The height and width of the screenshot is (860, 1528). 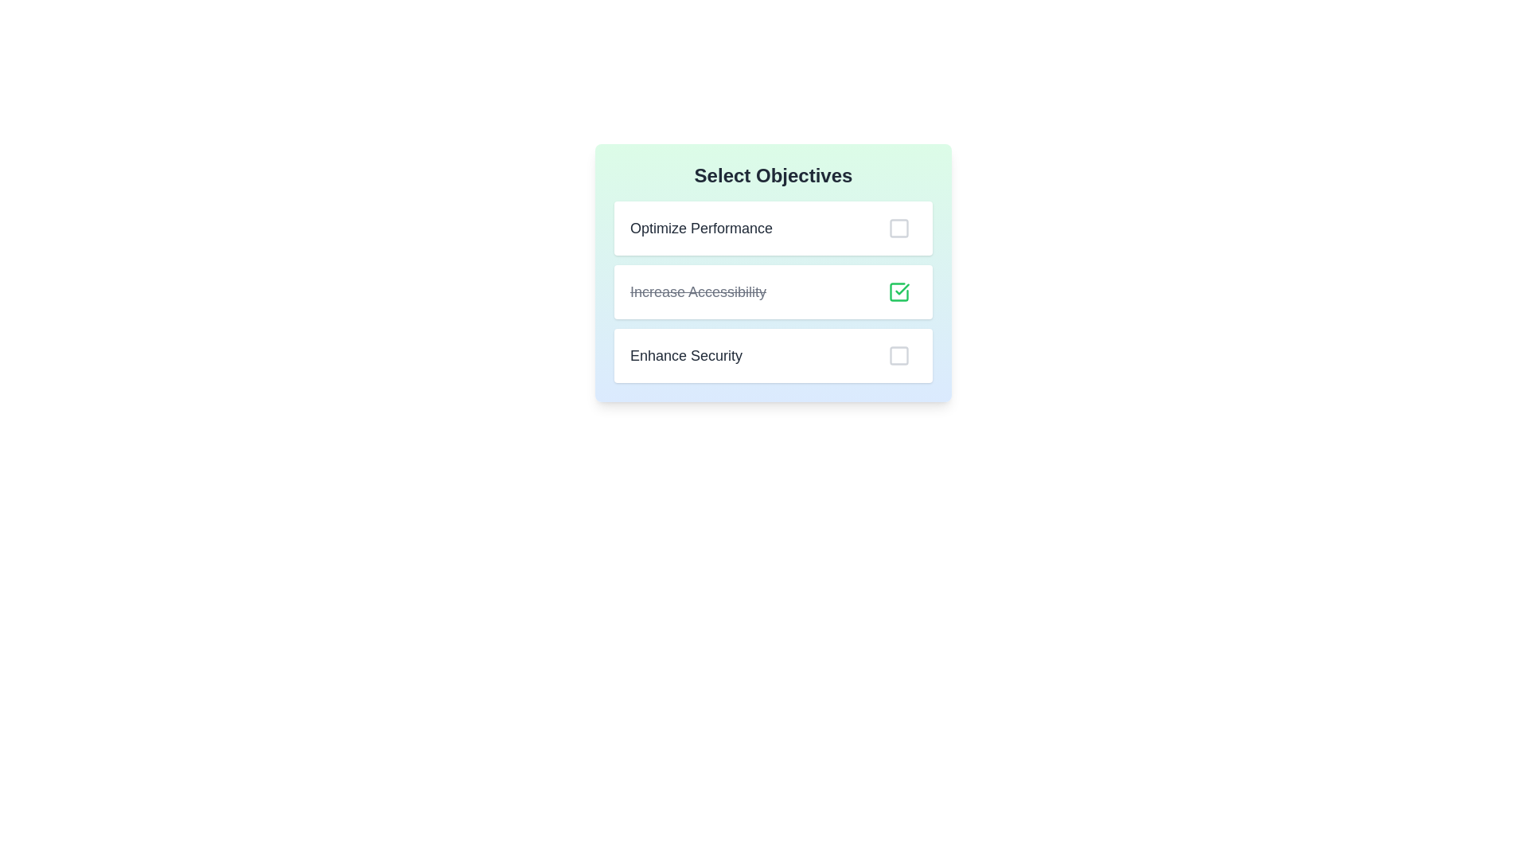 I want to click on the checkbox labeled 'Increase Accessibility', so click(x=773, y=291).